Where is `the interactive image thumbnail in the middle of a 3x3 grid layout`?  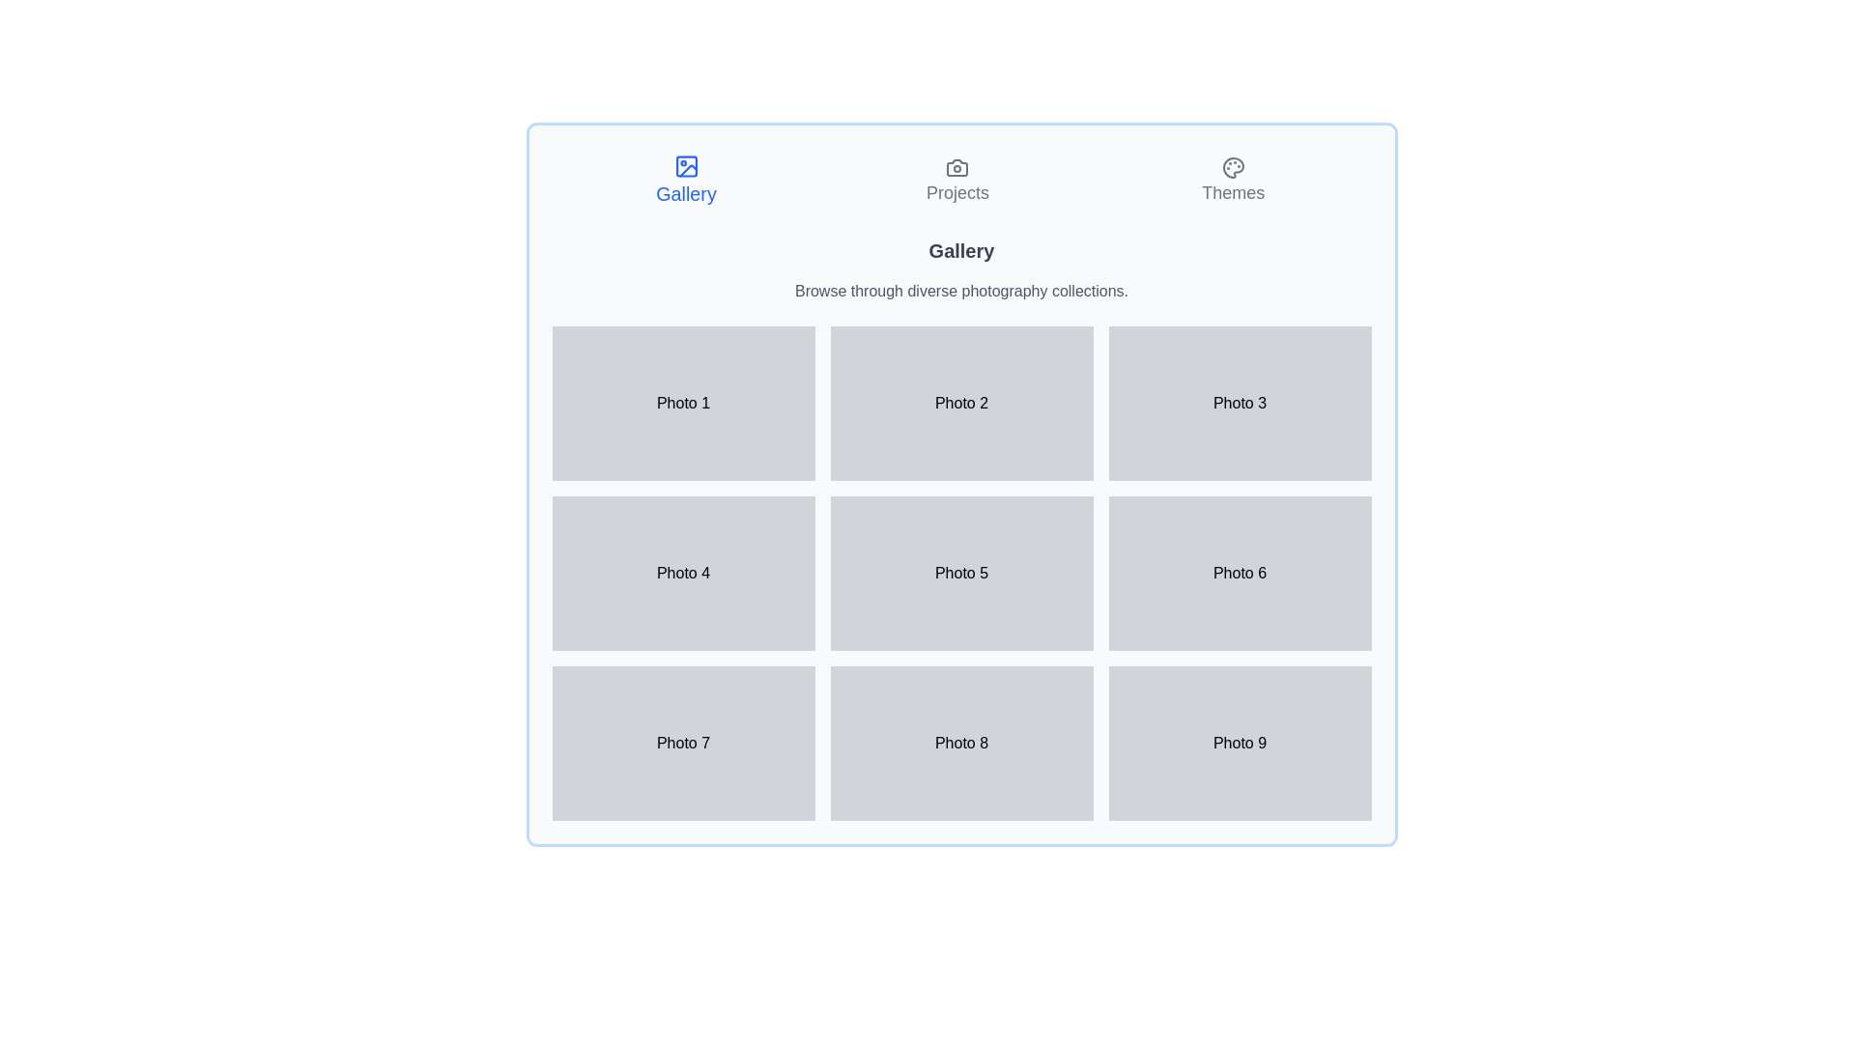
the interactive image thumbnail in the middle of a 3x3 grid layout is located at coordinates (961, 573).